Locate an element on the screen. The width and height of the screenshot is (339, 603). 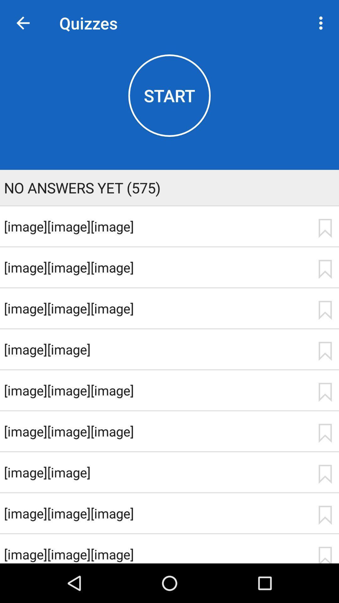
bookmark item is located at coordinates (325, 310).